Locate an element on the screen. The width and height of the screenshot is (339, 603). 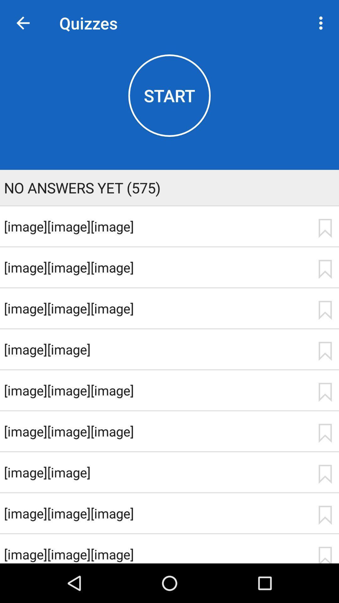
bookmark item is located at coordinates (325, 310).